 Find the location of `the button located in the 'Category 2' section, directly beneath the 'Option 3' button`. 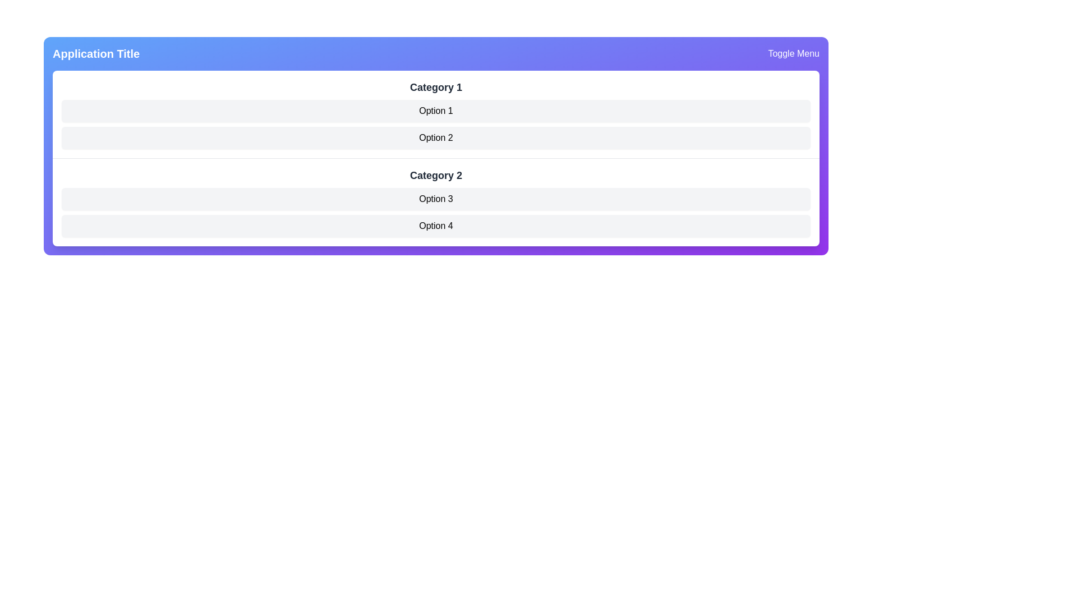

the button located in the 'Category 2' section, directly beneath the 'Option 3' button is located at coordinates (435, 226).